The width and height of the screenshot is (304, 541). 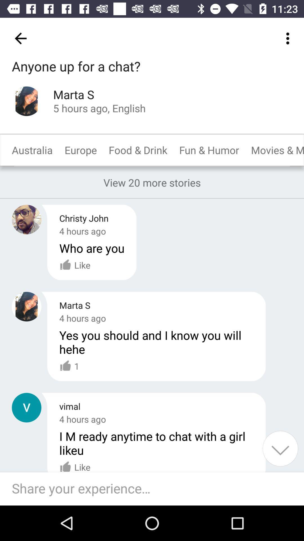 I want to click on the text box which says share your experience, so click(x=155, y=488).